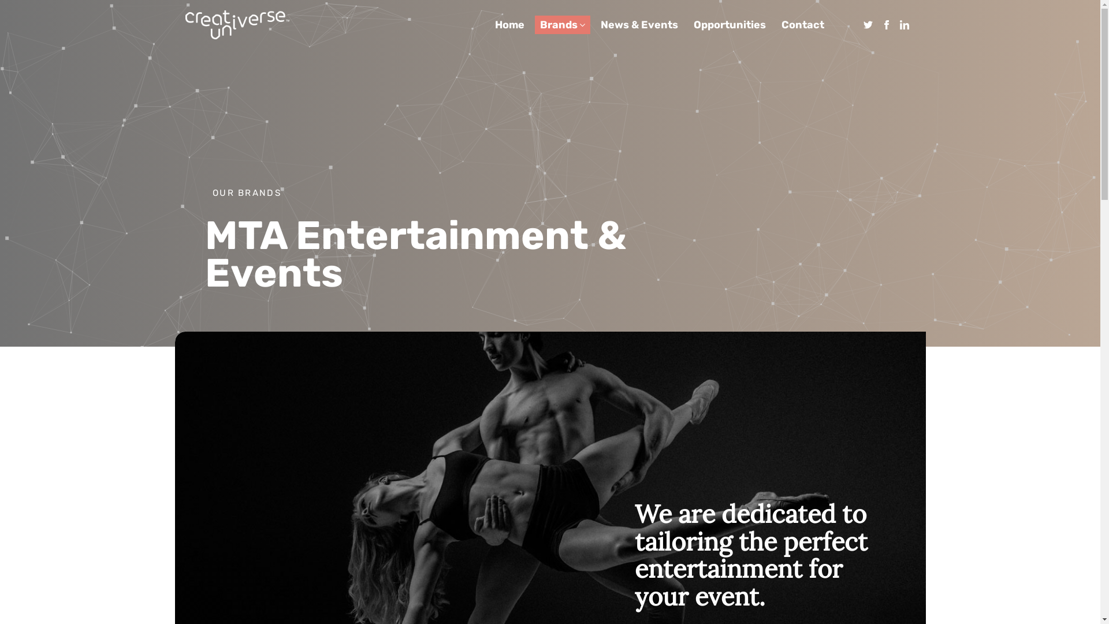 This screenshot has width=1109, height=624. What do you see at coordinates (886, 25) in the screenshot?
I see `'Connect with us on Facebook'` at bounding box center [886, 25].